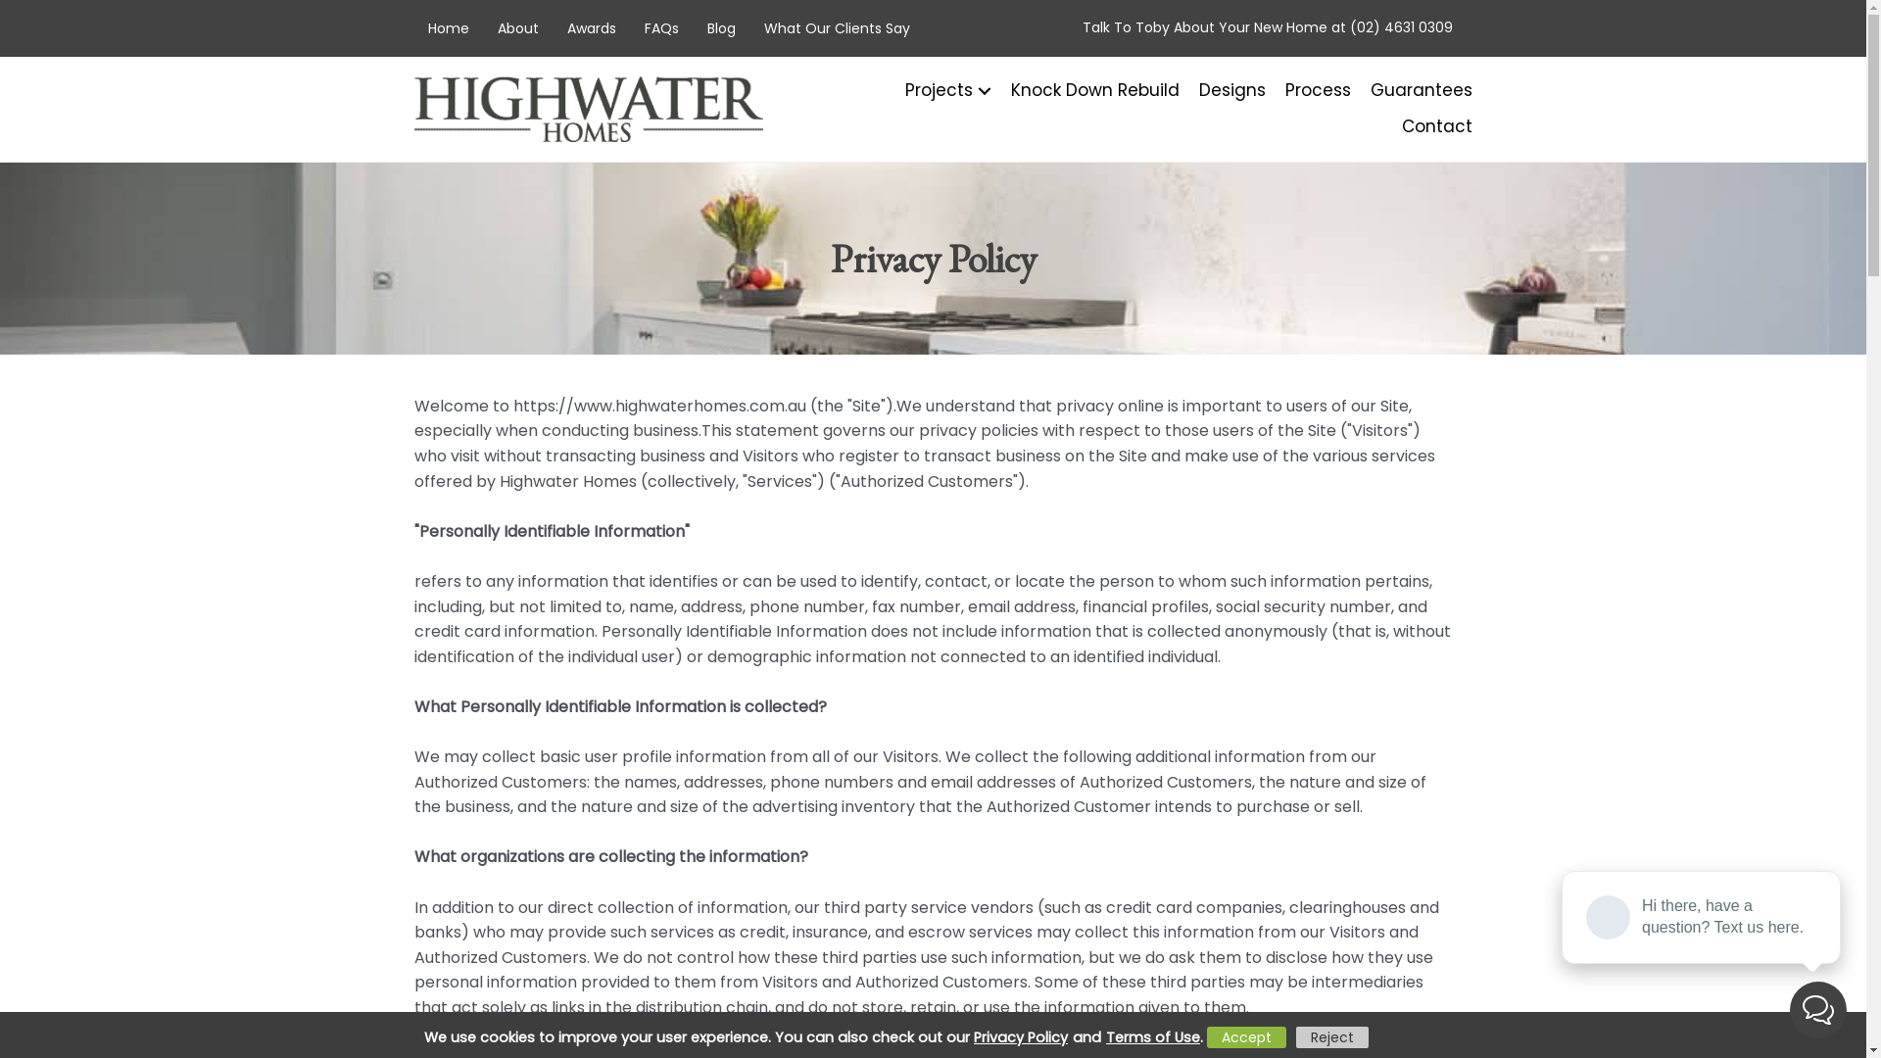 The width and height of the screenshot is (1881, 1058). What do you see at coordinates (446, 28) in the screenshot?
I see `'Home'` at bounding box center [446, 28].